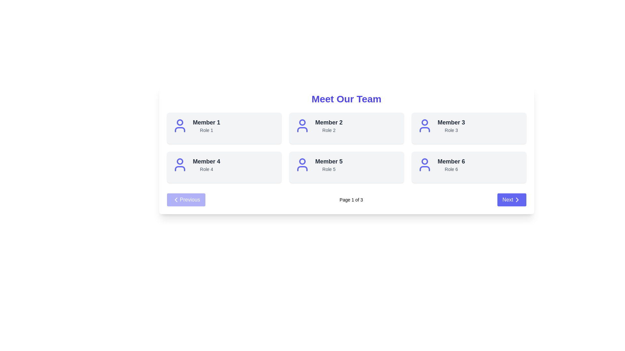 Image resolution: width=625 pixels, height=351 pixels. I want to click on the Profile card displaying 'Member 6' and 'Role 6' located in the bottom-right corner of the grid, adjacent to the 'Next' button, so click(469, 167).